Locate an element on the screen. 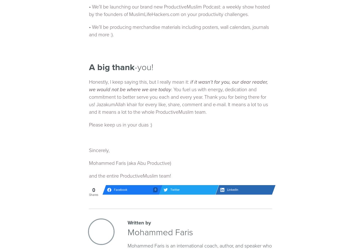  'Written by' is located at coordinates (127, 223).